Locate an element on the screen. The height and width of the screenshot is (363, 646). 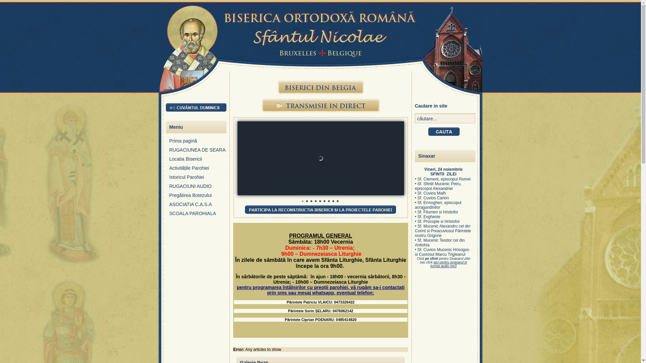
'aici pentru sinaxarul in format audio mp3' is located at coordinates (448, 264).